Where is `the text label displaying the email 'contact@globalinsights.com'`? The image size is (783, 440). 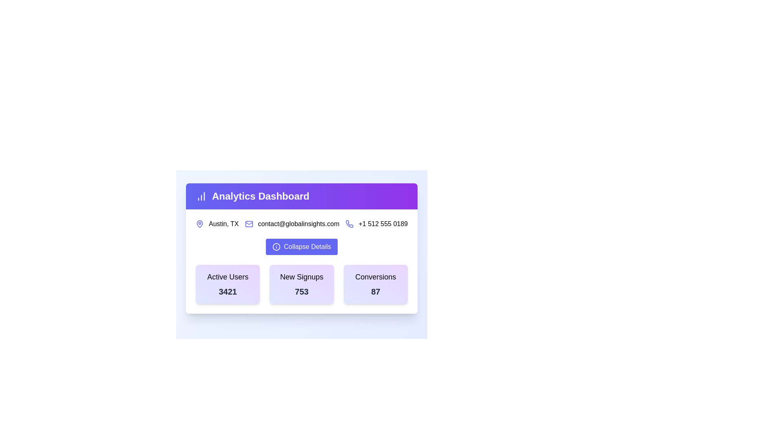 the text label displaying the email 'contact@globalinsights.com' is located at coordinates (298, 224).